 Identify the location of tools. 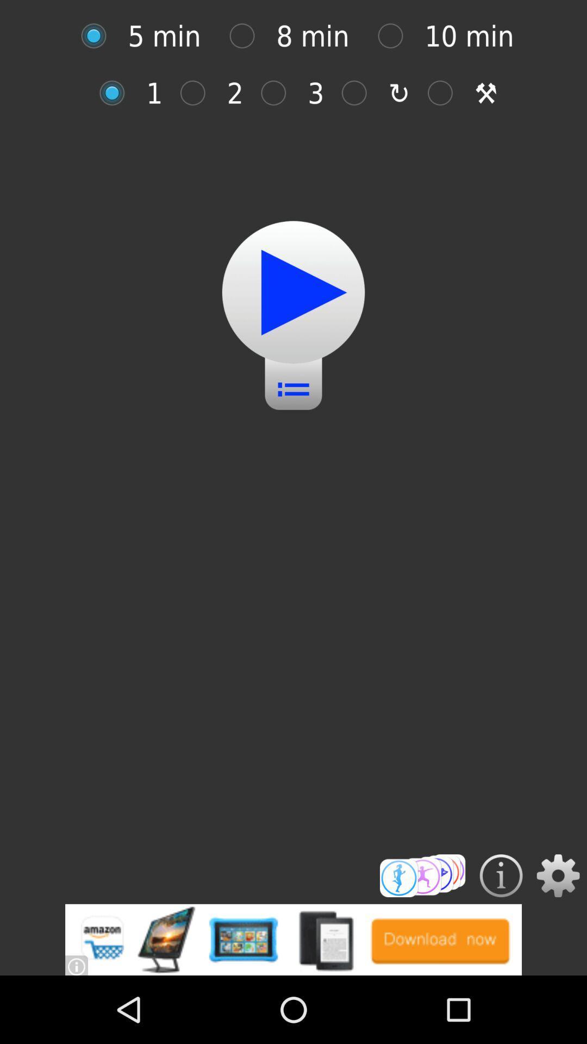
(446, 93).